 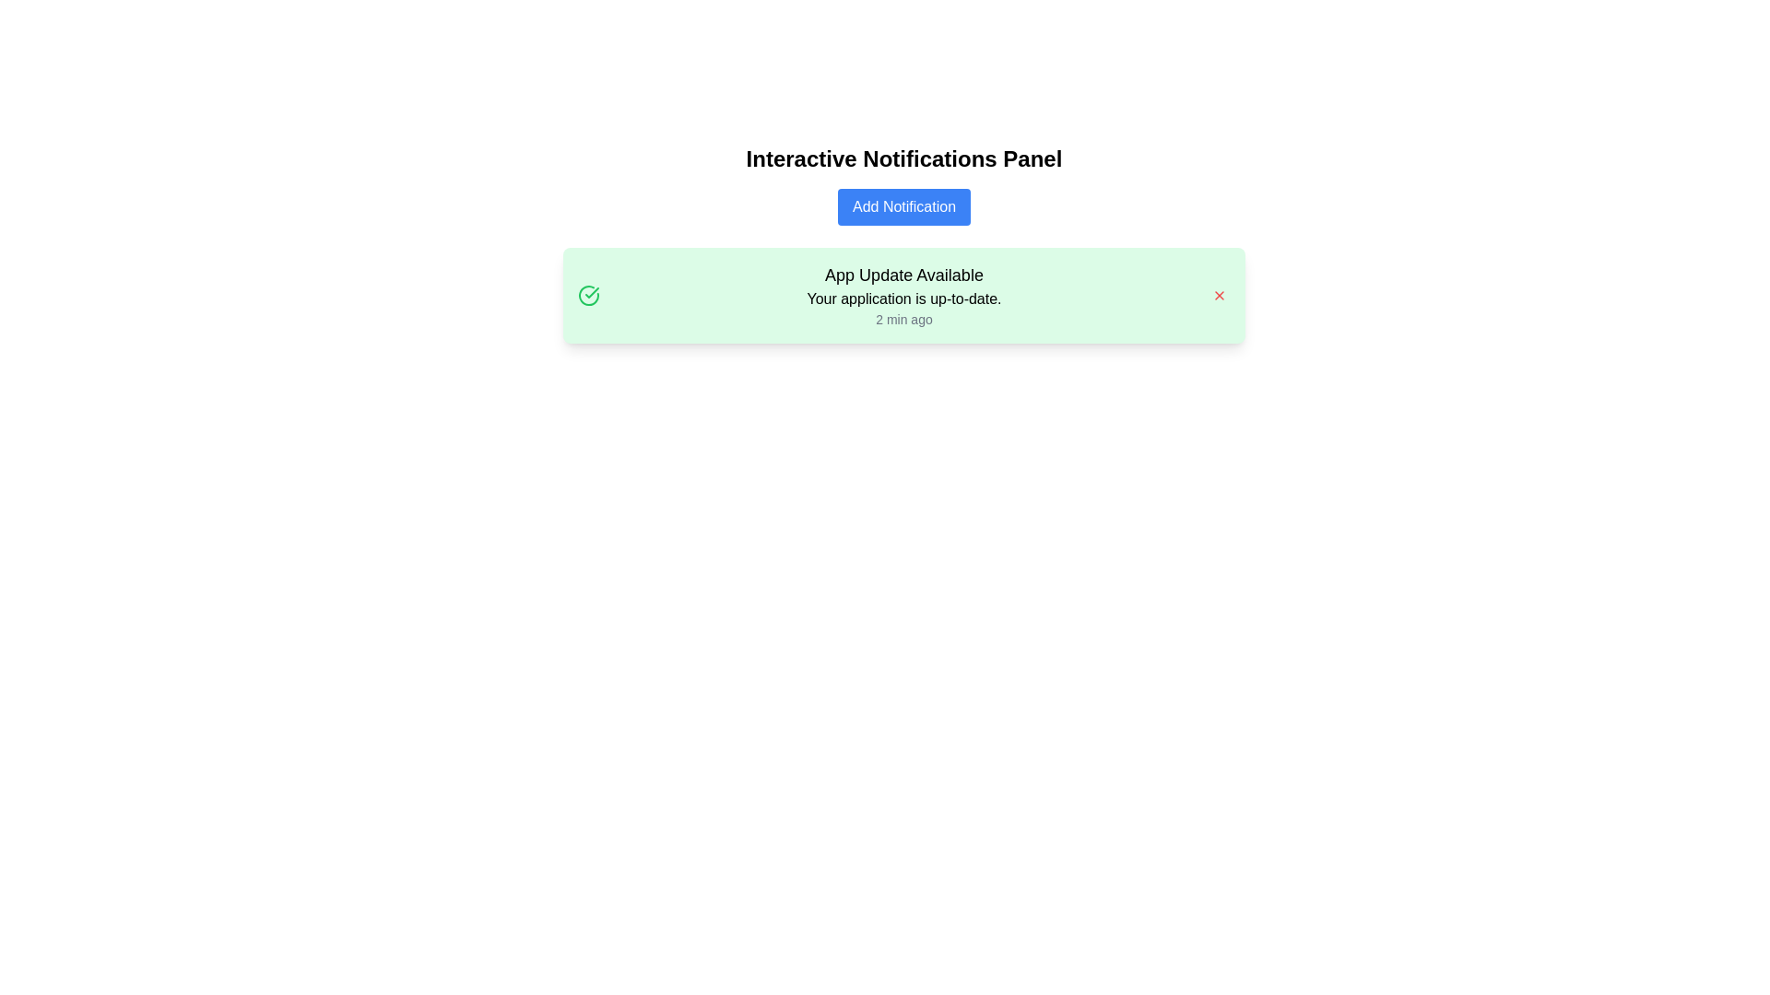 What do you see at coordinates (903, 206) in the screenshot?
I see `the 'Add Notification' button, which has a blue background and white text` at bounding box center [903, 206].